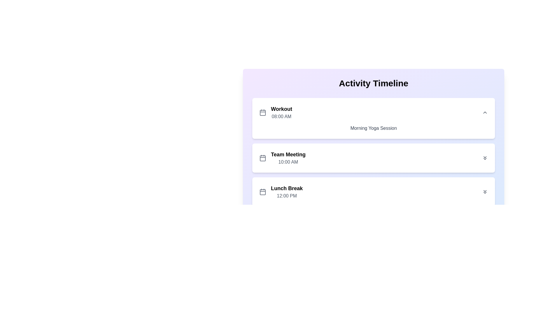  Describe the element at coordinates (374, 112) in the screenshot. I see `the List item containing 'Workout' scheduled at '08:00 AM'` at that location.